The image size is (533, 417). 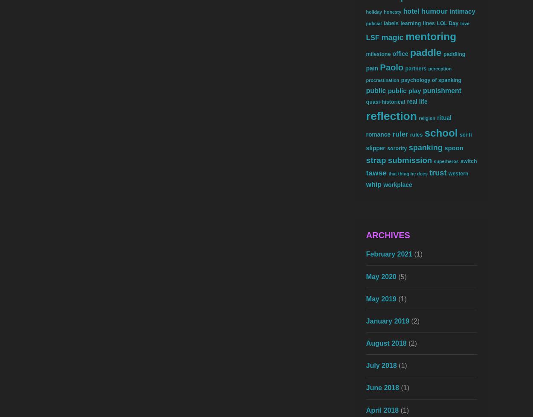 What do you see at coordinates (391, 67) in the screenshot?
I see `'Paolo'` at bounding box center [391, 67].